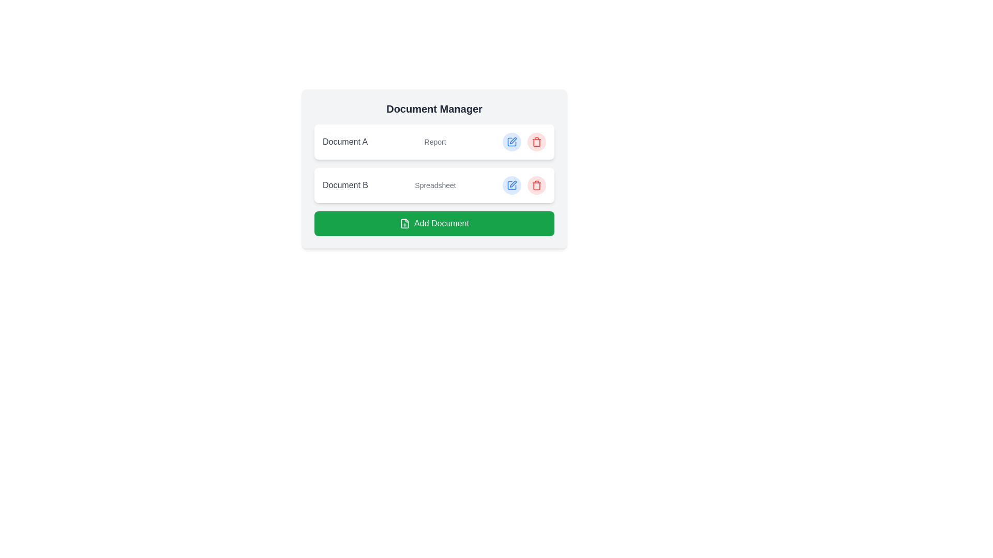  What do you see at coordinates (511, 184) in the screenshot?
I see `the edit icon located in the row labeled 'Document B' to initiate editing actions` at bounding box center [511, 184].